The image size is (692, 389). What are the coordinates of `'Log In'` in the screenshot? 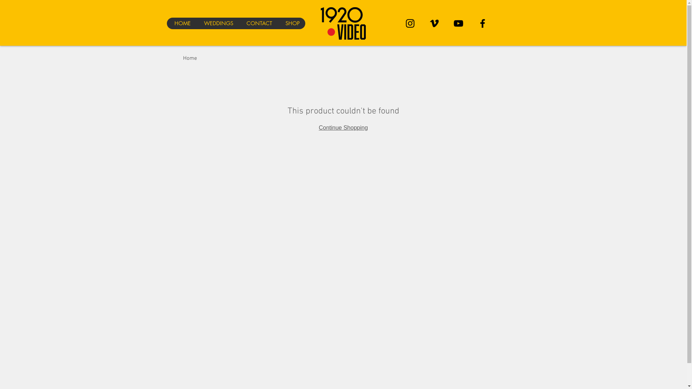 It's located at (500, 36).